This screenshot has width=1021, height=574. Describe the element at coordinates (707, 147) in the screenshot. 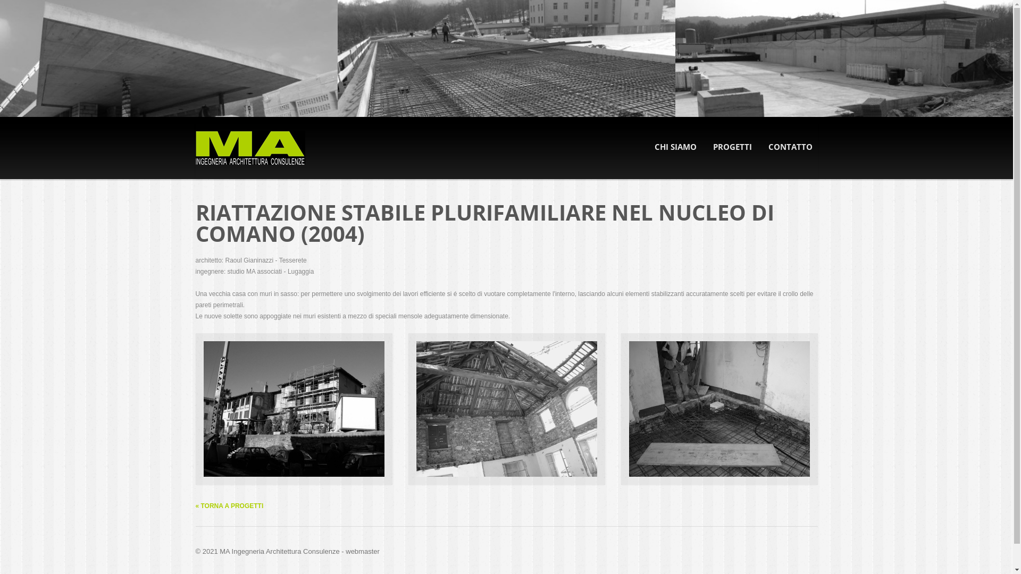

I see `'PROGETTI` at that location.